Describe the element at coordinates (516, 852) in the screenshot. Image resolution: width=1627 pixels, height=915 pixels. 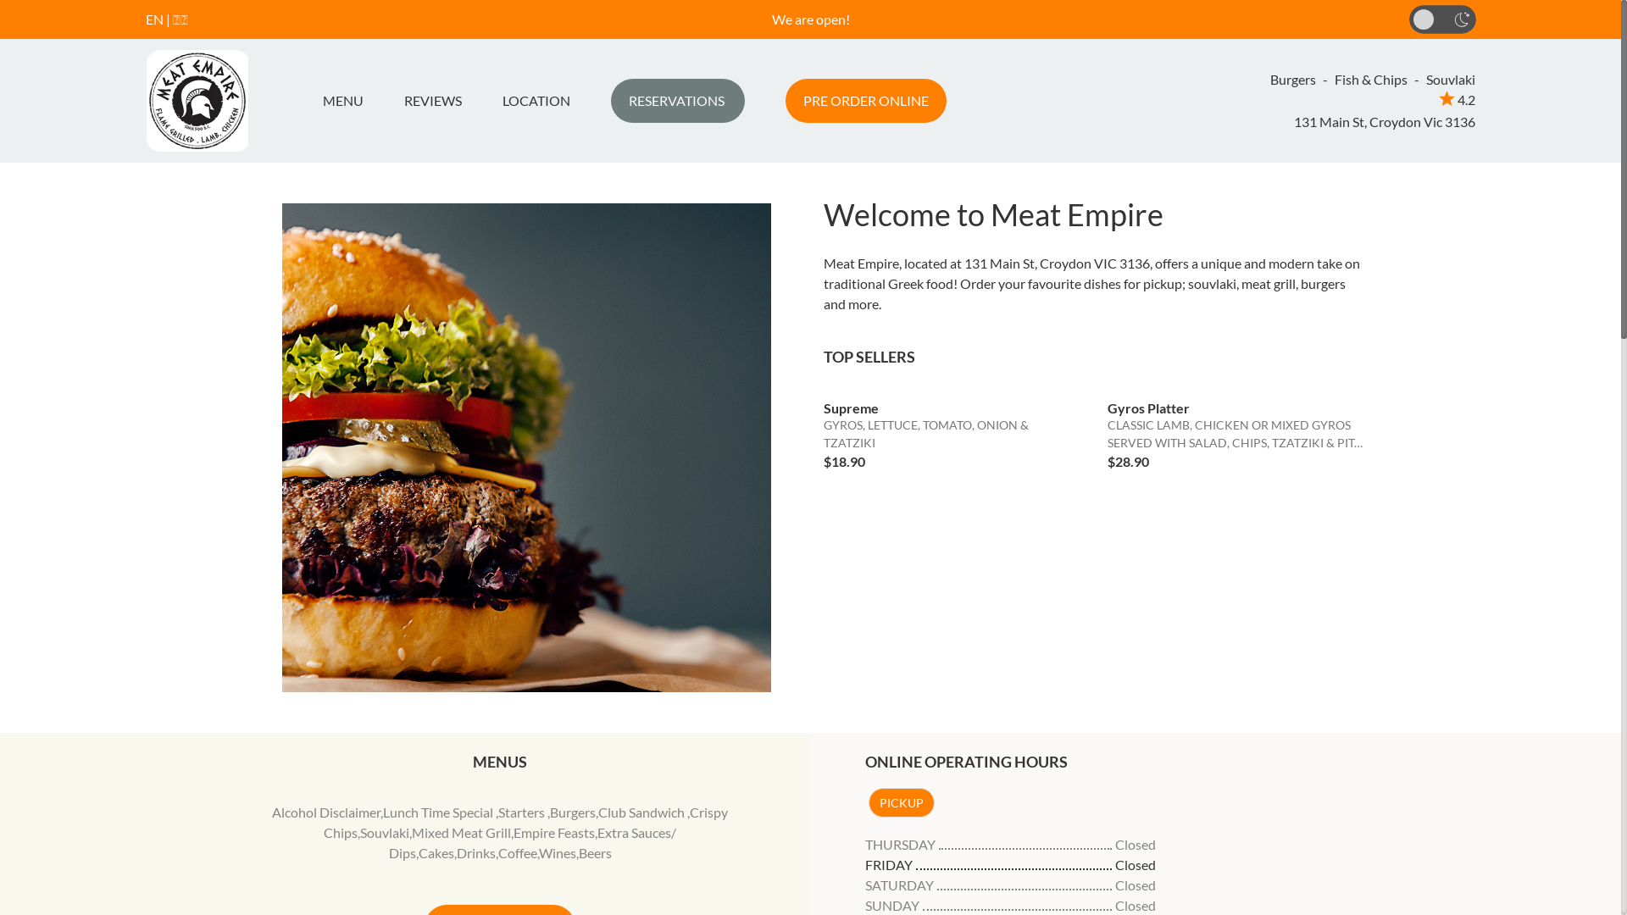
I see `'Coffee'` at that location.